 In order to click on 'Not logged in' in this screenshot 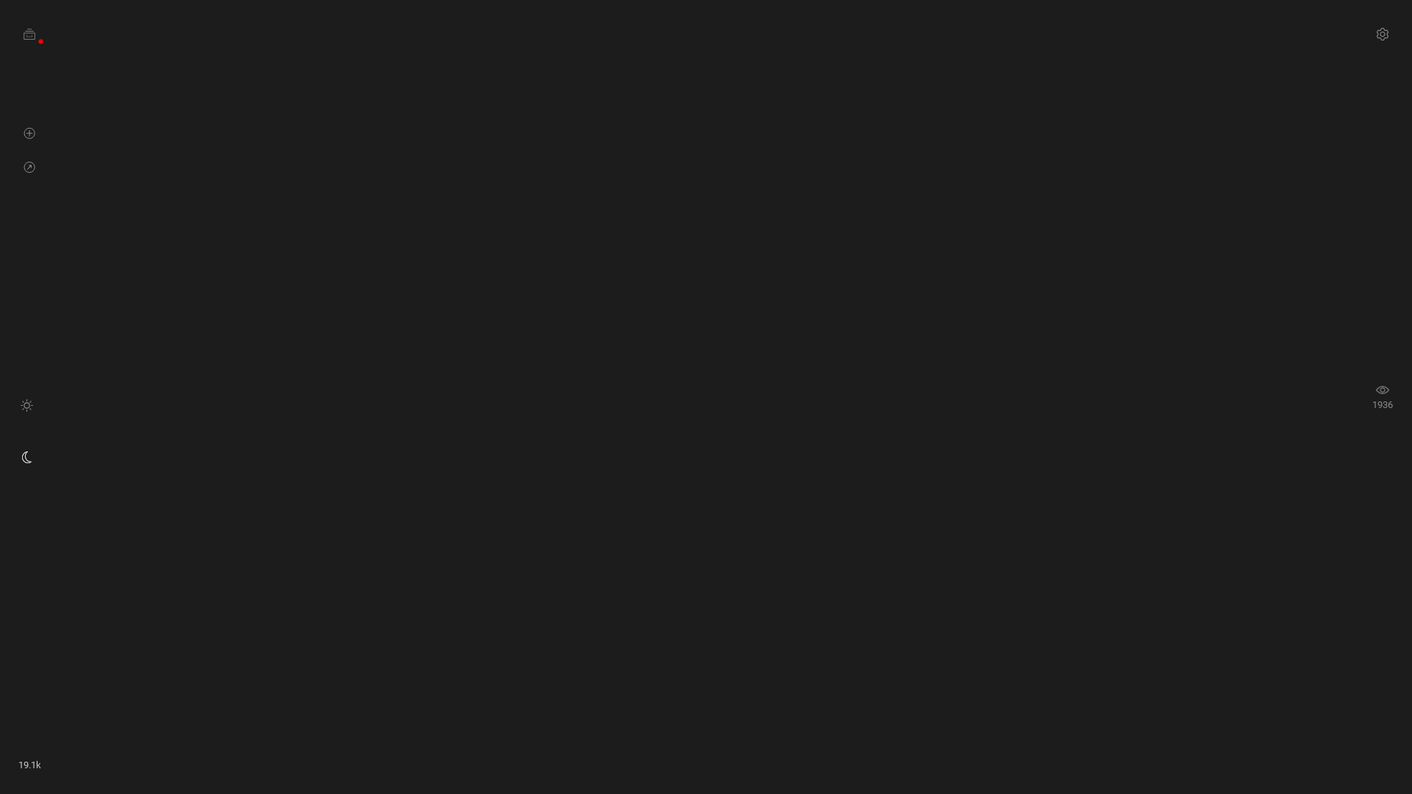, I will do `click(40, 40)`.